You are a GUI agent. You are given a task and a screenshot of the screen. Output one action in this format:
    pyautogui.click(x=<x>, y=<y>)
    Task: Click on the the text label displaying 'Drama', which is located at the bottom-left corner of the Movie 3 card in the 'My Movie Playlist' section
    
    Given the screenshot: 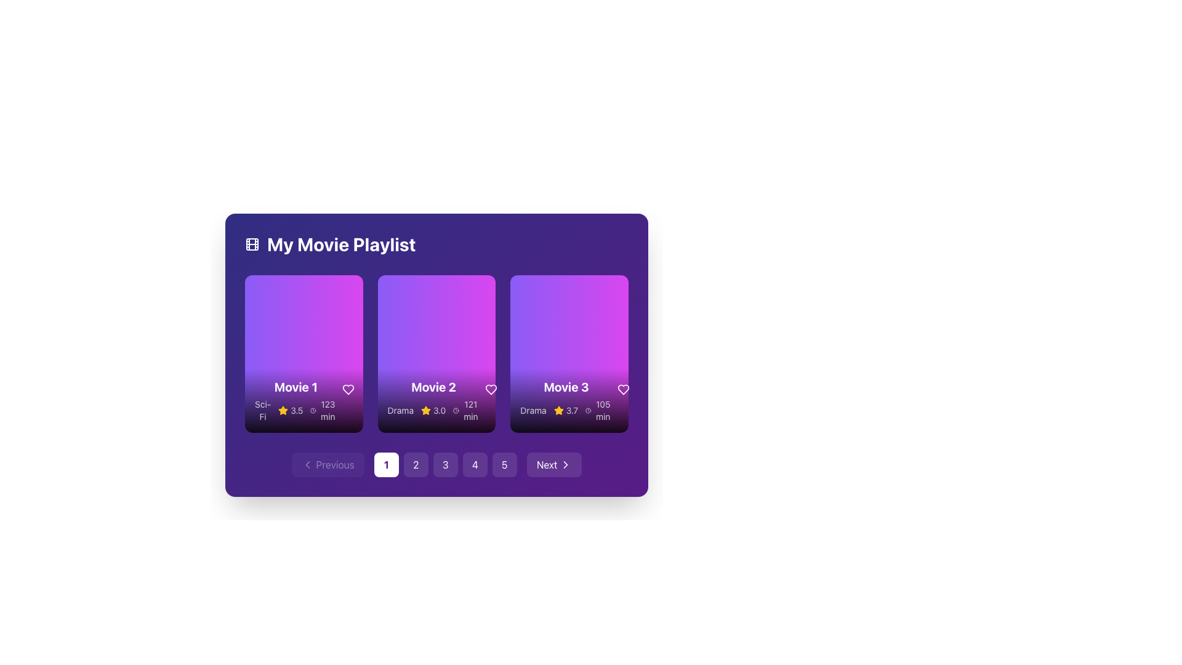 What is the action you would take?
    pyautogui.click(x=533, y=411)
    